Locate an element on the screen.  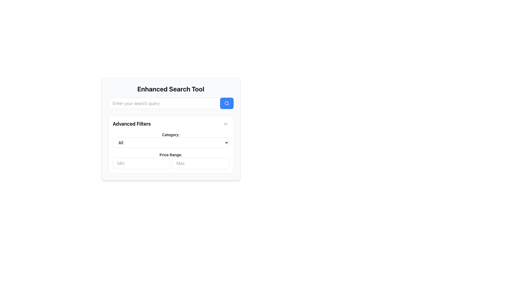
the dropdown within the filter box located in the 'Enhanced Search Tool' section beneath the search input field is located at coordinates (170, 144).